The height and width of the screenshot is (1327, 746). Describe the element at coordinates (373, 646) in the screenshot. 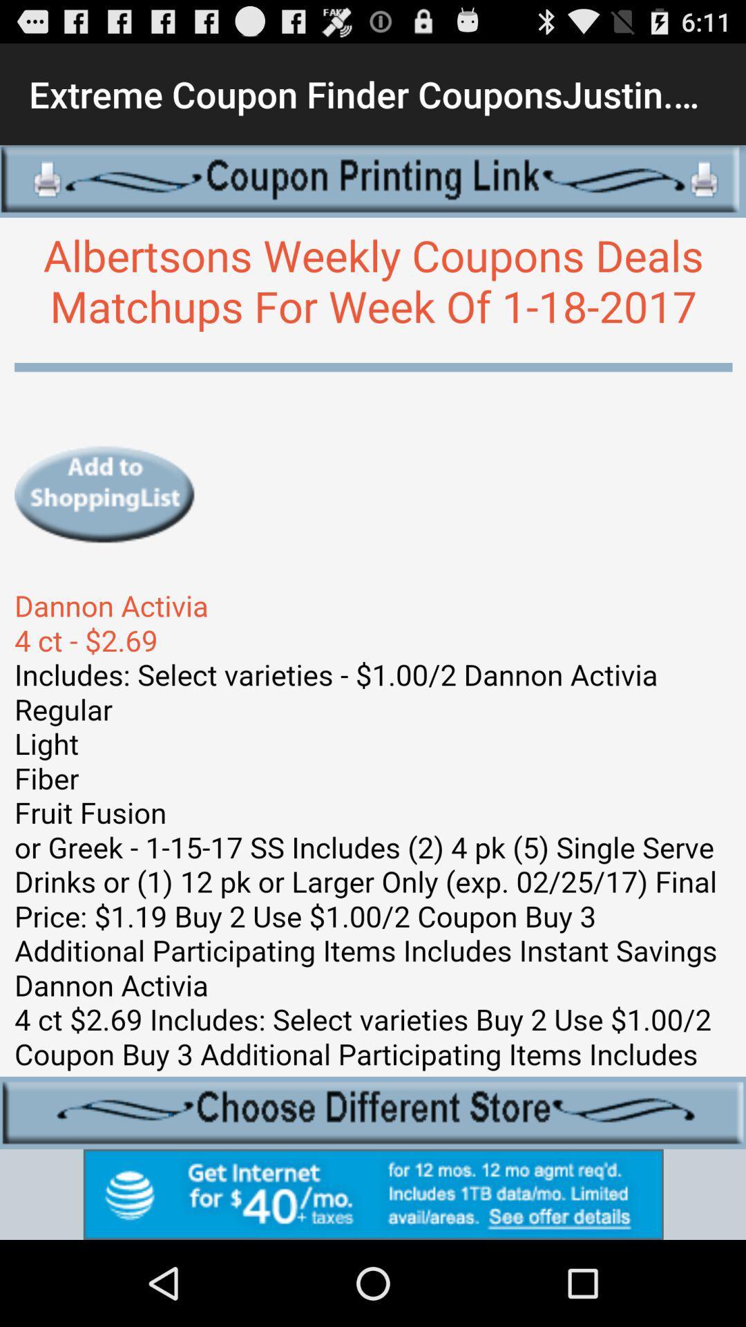

I see `read coupon deal` at that location.